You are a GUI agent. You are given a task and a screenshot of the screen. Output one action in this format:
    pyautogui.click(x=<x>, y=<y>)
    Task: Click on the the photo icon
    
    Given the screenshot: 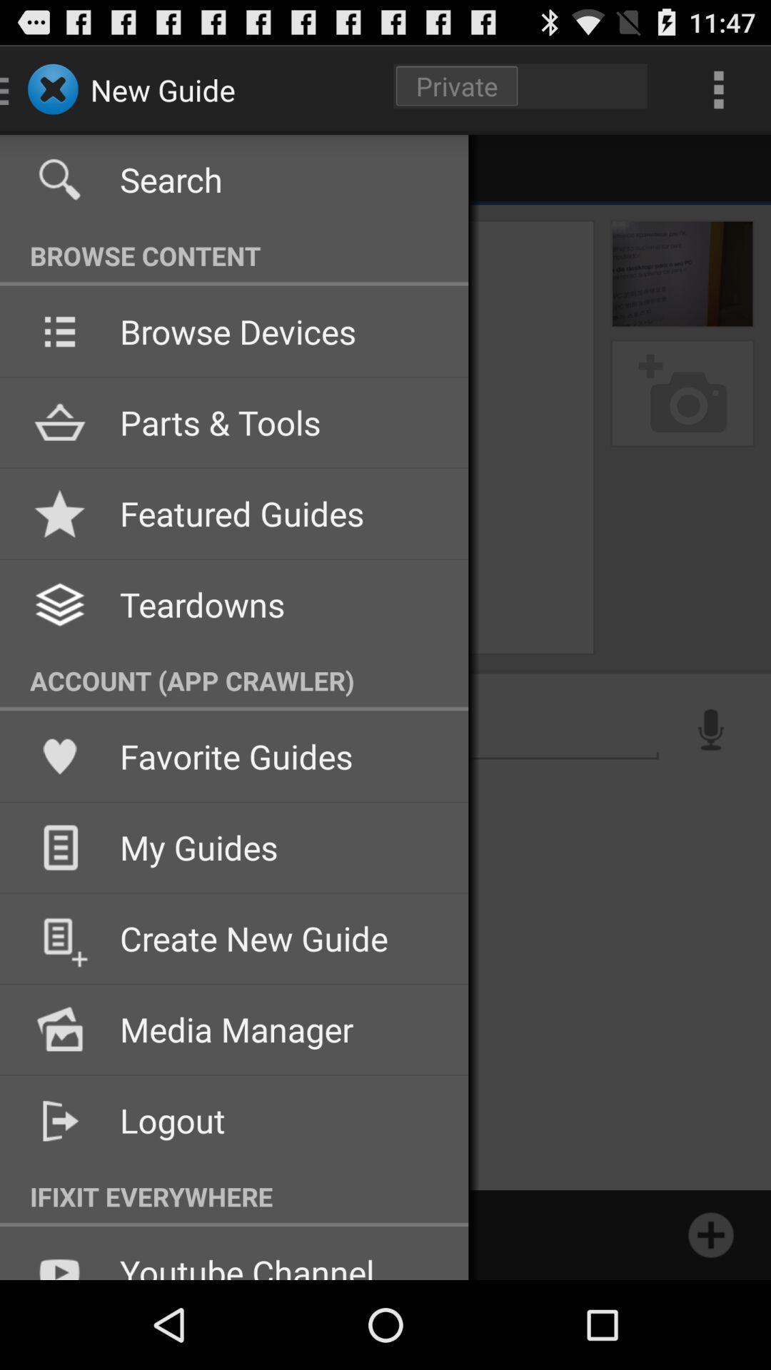 What is the action you would take?
    pyautogui.click(x=682, y=420)
    